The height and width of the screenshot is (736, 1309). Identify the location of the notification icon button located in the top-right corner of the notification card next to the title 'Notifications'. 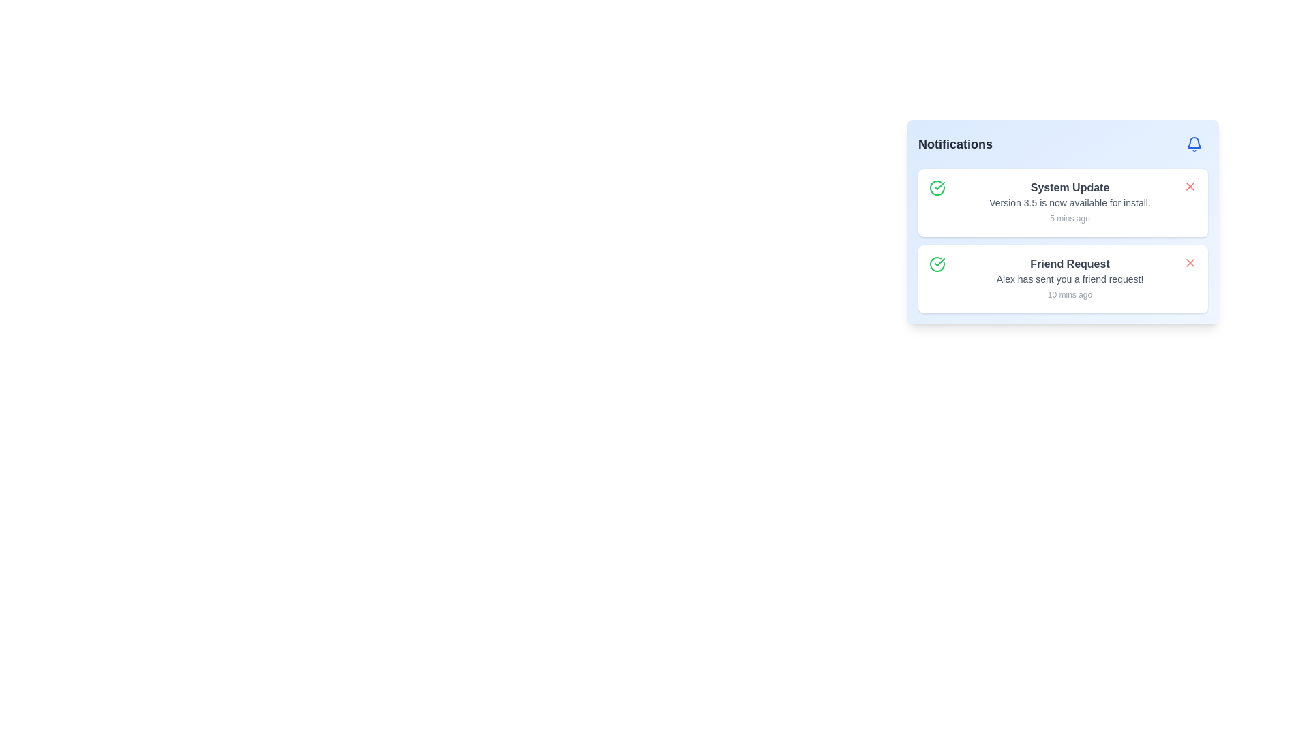
(1194, 144).